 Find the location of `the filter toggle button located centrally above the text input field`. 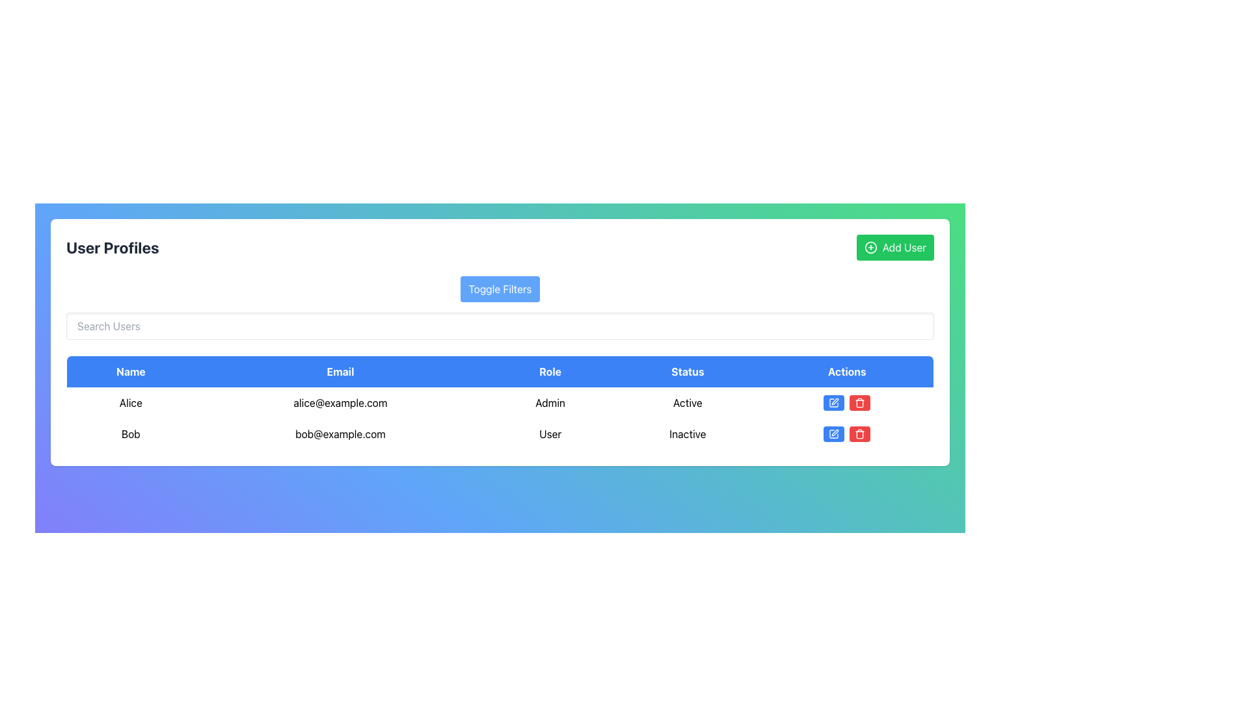

the filter toggle button located centrally above the text input field is located at coordinates (499, 288).